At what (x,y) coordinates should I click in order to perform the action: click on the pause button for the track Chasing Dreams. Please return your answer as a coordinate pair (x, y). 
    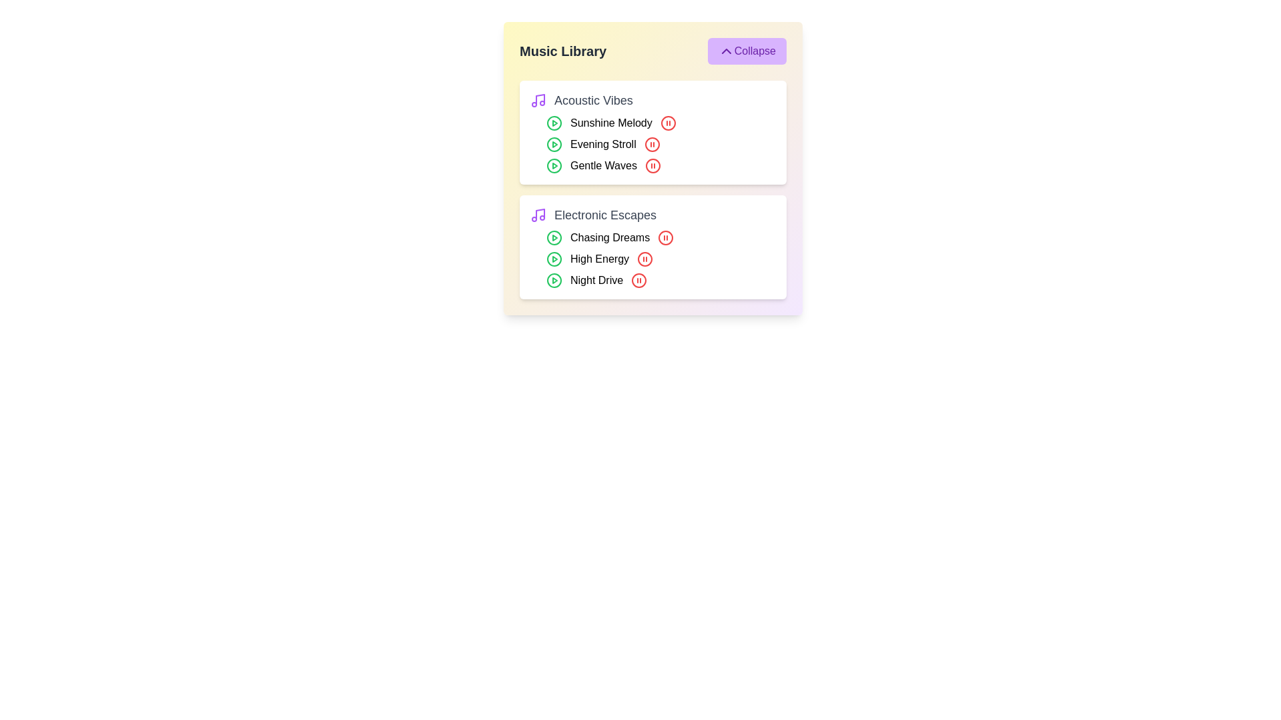
    Looking at the image, I should click on (666, 237).